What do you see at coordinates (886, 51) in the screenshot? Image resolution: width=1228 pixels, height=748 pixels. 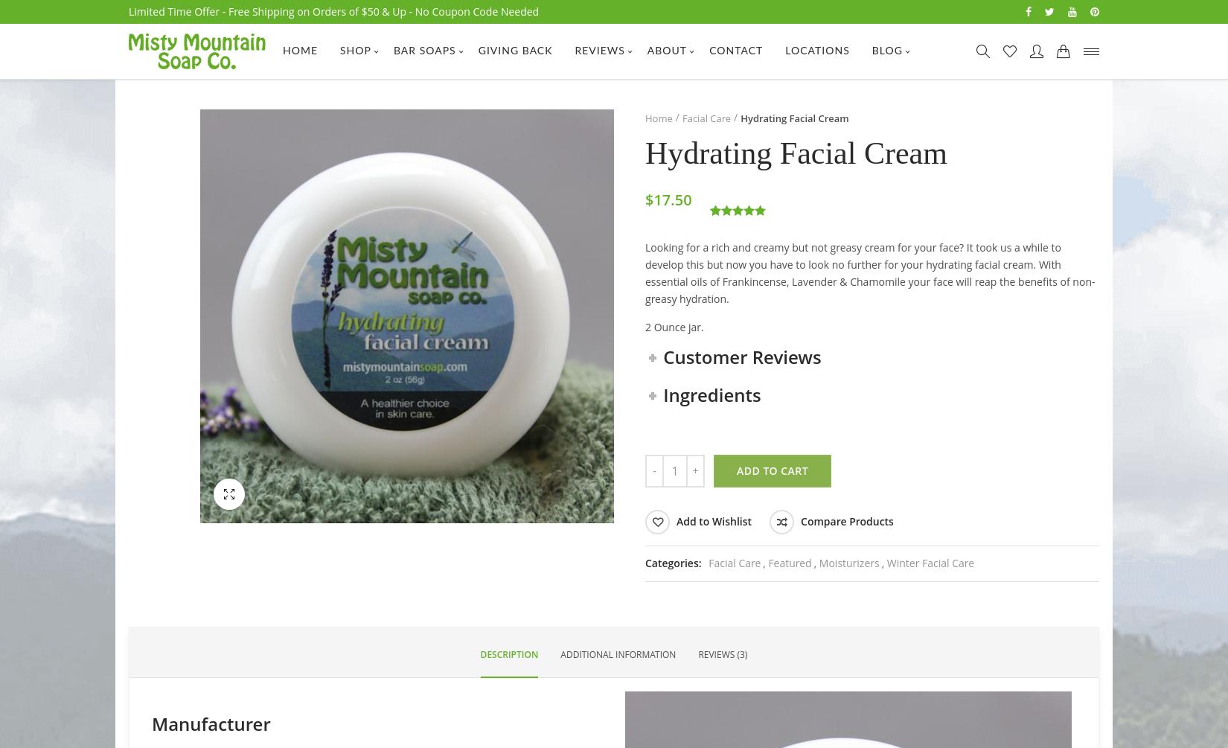 I see `'BLOG'` at bounding box center [886, 51].